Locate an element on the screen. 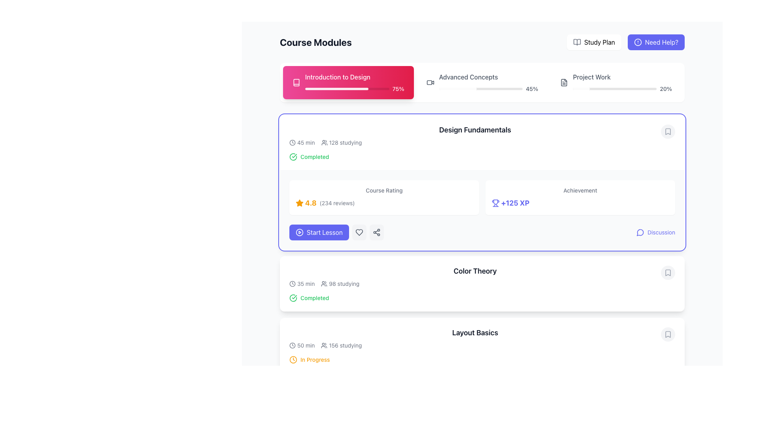 The width and height of the screenshot is (759, 427). the small gray icon representing a group of users, which is positioned to the left of the text '128 studying' is located at coordinates (324, 143).